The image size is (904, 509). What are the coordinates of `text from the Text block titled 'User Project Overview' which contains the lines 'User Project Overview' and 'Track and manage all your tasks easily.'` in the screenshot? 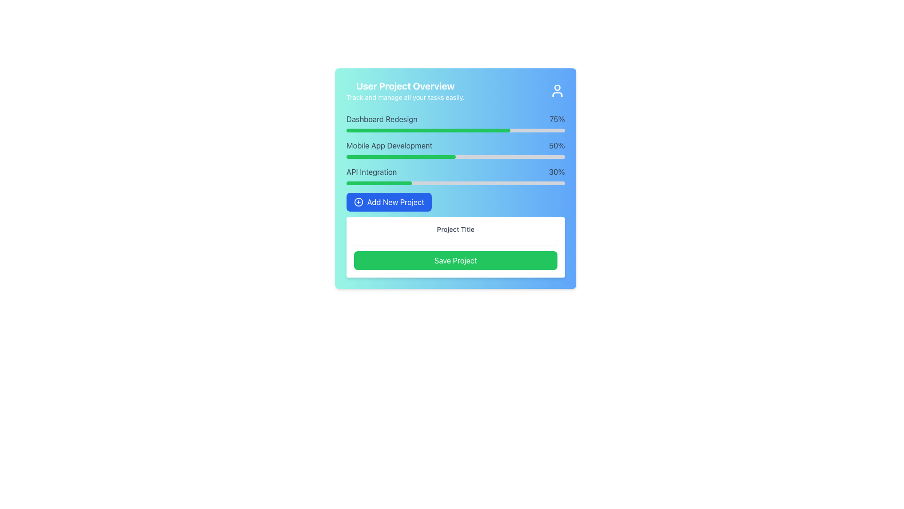 It's located at (405, 90).